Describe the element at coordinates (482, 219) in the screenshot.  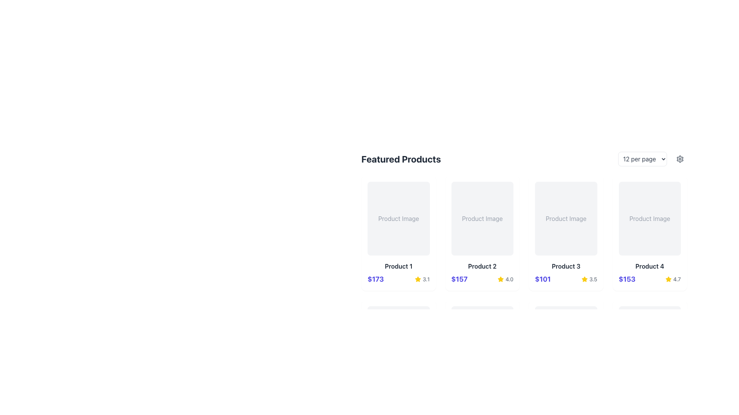
I see `the text label indicating the intended space for displaying a 'Product Image' within the second product card labeled 'Product 2'` at that location.